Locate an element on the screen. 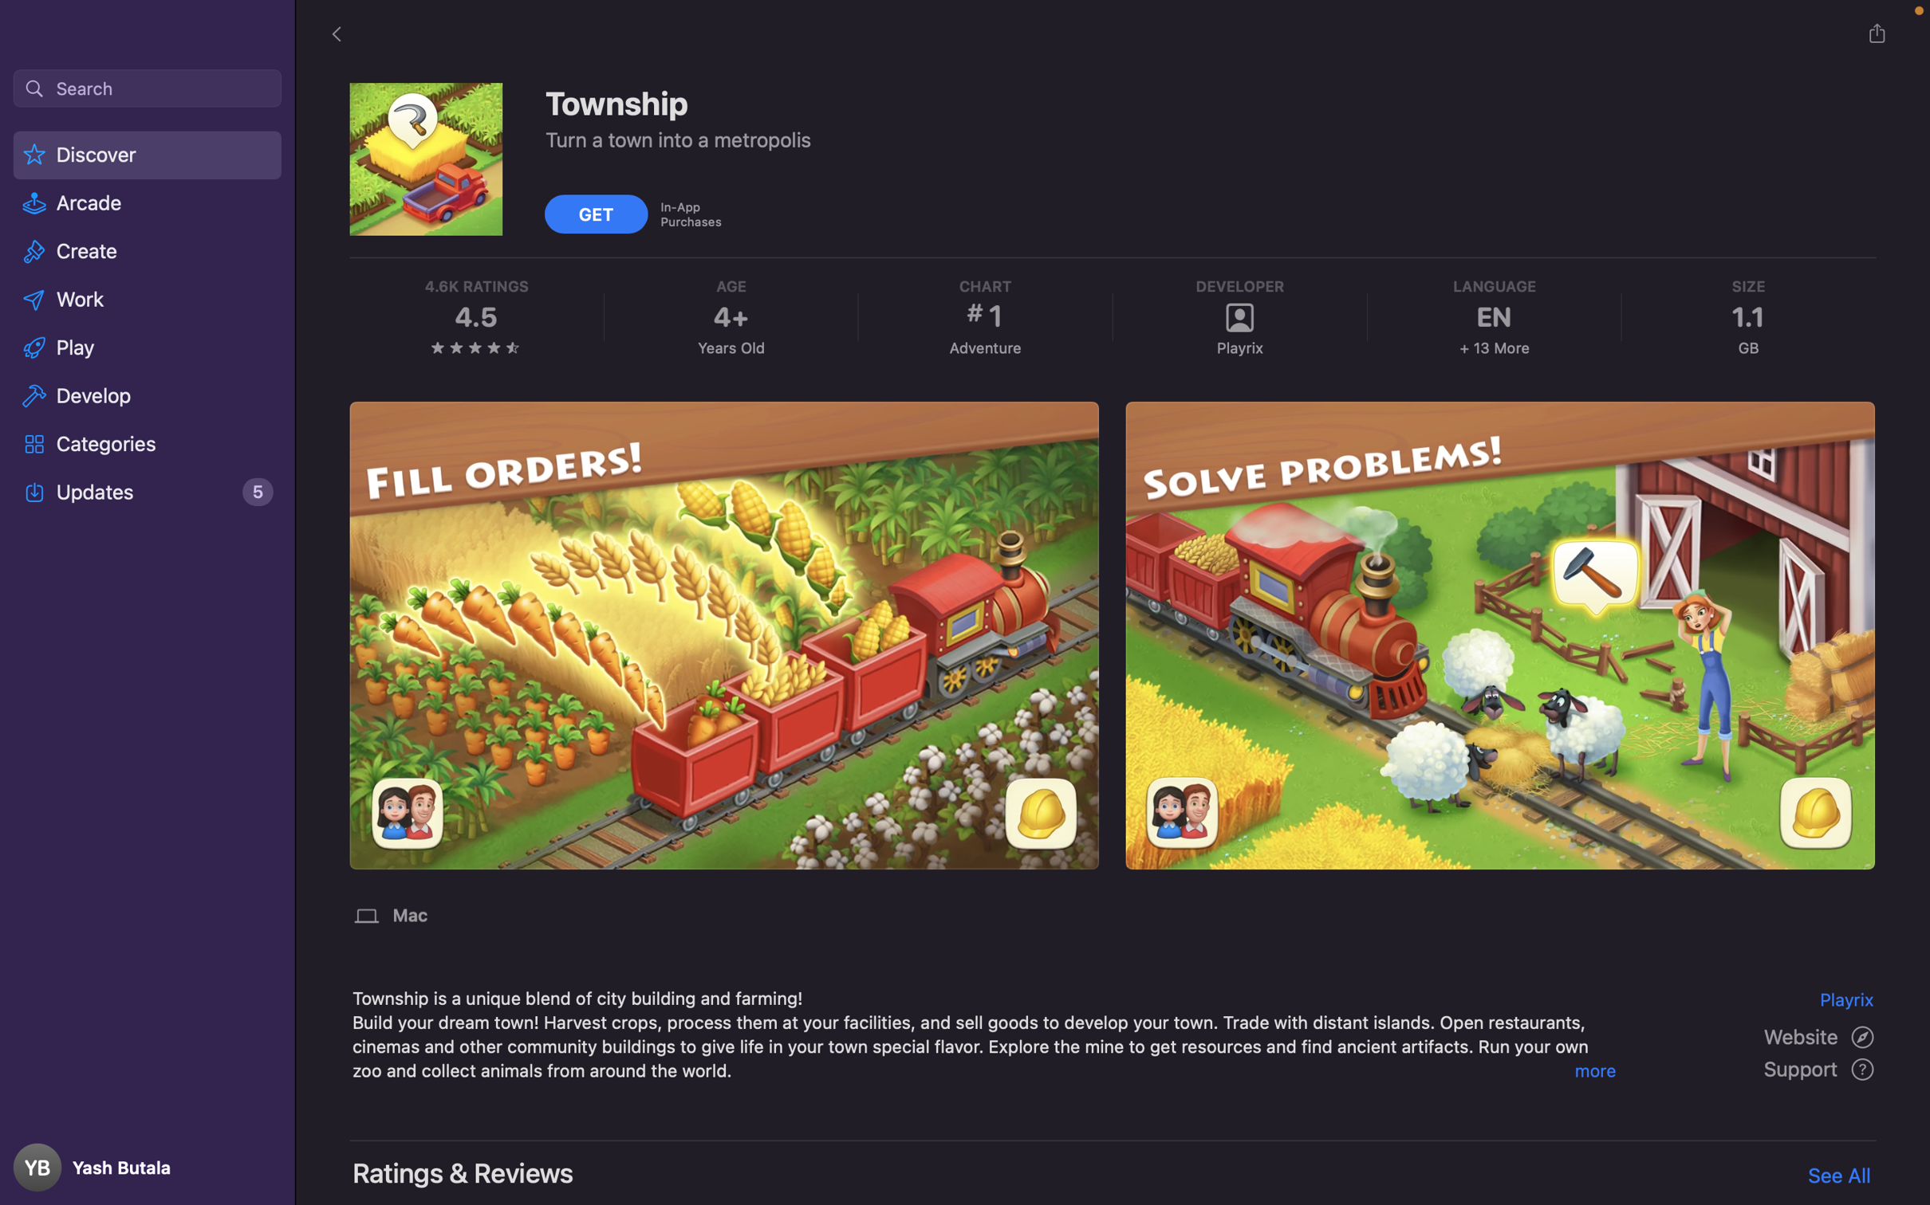 This screenshot has width=1930, height=1205. the "Facebook" option after clicking on the "share" button to disseminate the application on your Facebook profile is located at coordinates (1876, 33).